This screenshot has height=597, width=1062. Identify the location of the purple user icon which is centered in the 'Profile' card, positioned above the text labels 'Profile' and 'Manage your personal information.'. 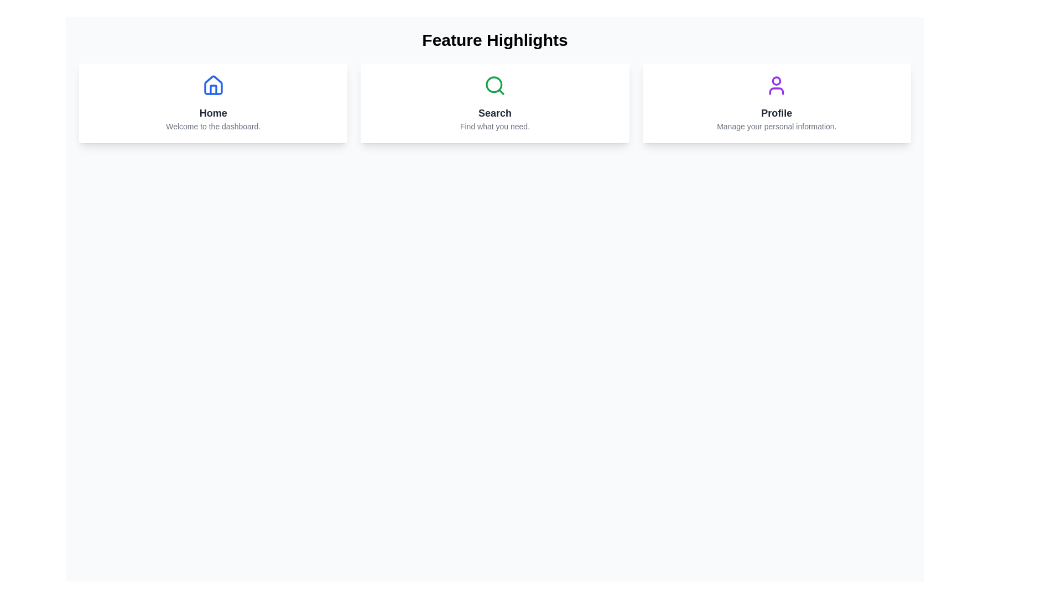
(776, 85).